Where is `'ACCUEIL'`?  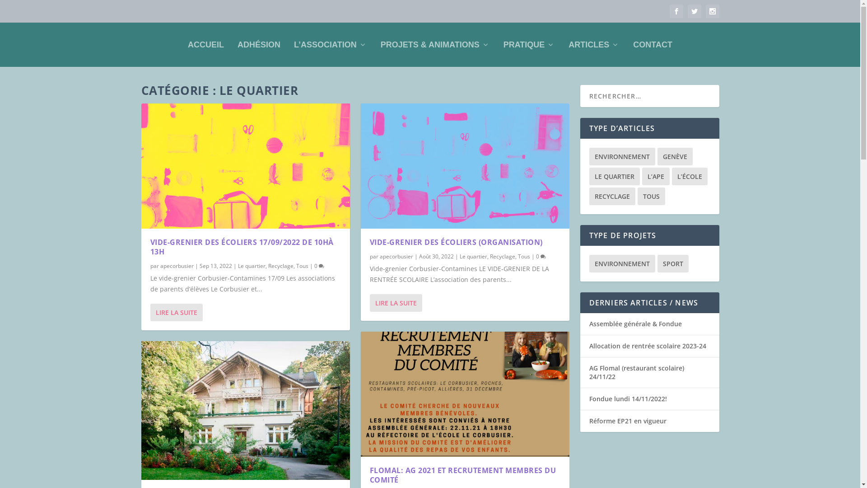
'ACCUEIL' is located at coordinates (205, 45).